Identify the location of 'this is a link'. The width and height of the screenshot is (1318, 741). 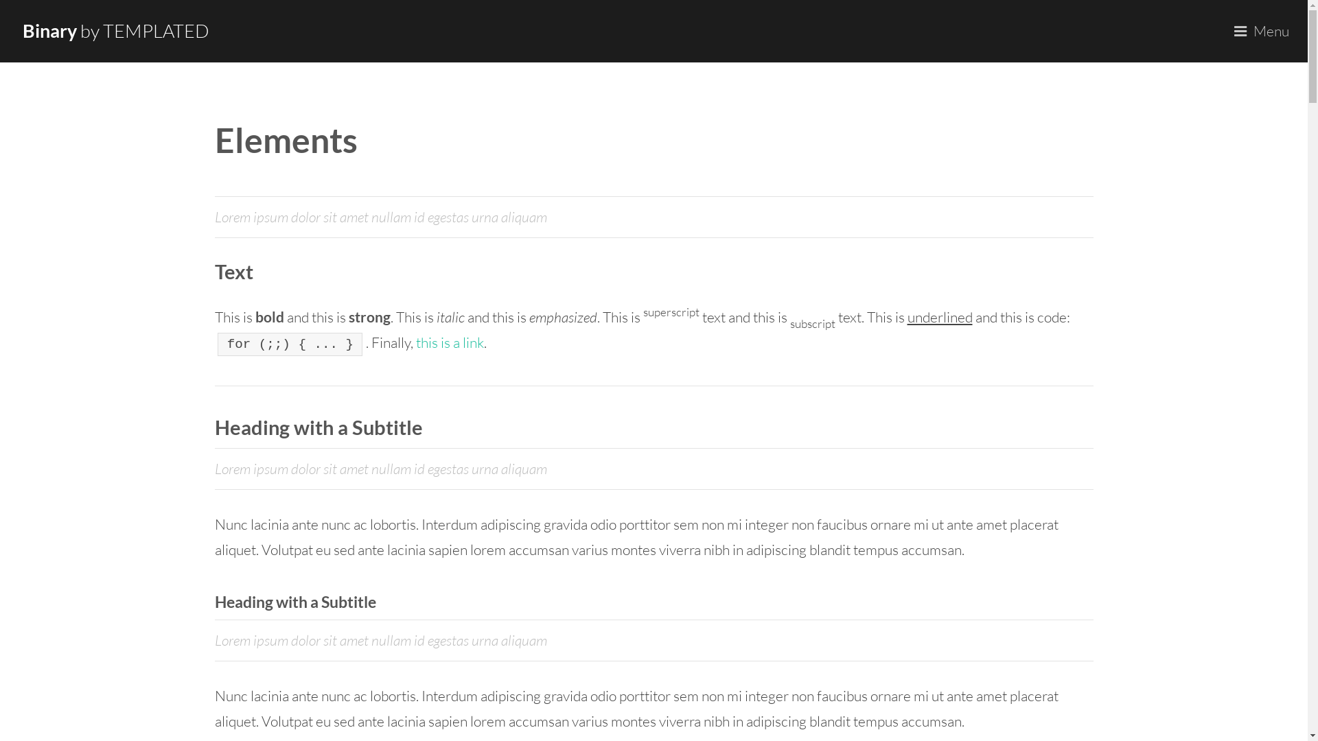
(450, 341).